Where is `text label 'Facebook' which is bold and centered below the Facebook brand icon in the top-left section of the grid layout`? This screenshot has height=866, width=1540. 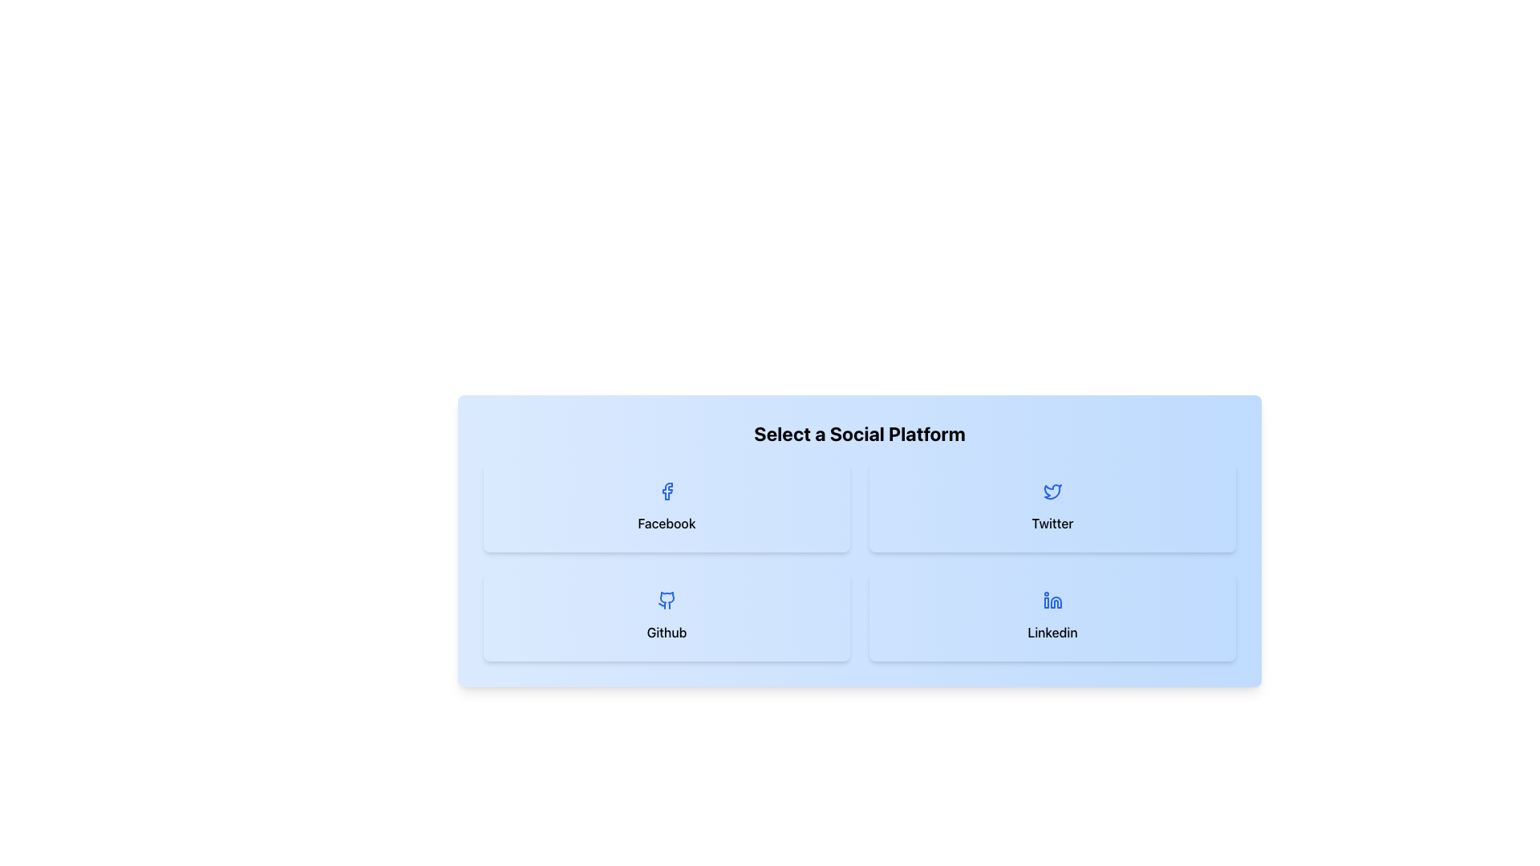
text label 'Facebook' which is bold and centered below the Facebook brand icon in the top-left section of the grid layout is located at coordinates (667, 523).